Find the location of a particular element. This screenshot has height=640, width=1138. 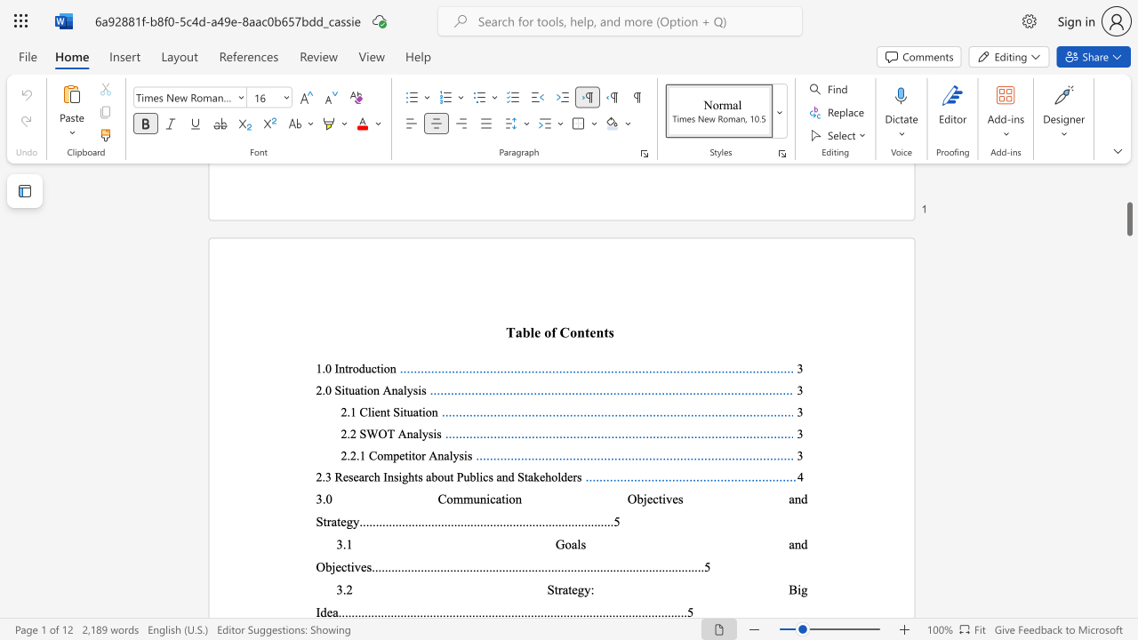

the subset text "..." within the text "........................5" is located at coordinates (684, 566).